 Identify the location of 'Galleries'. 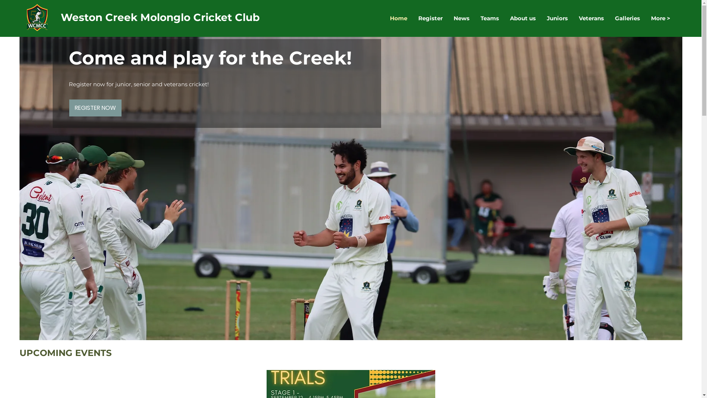
(627, 18).